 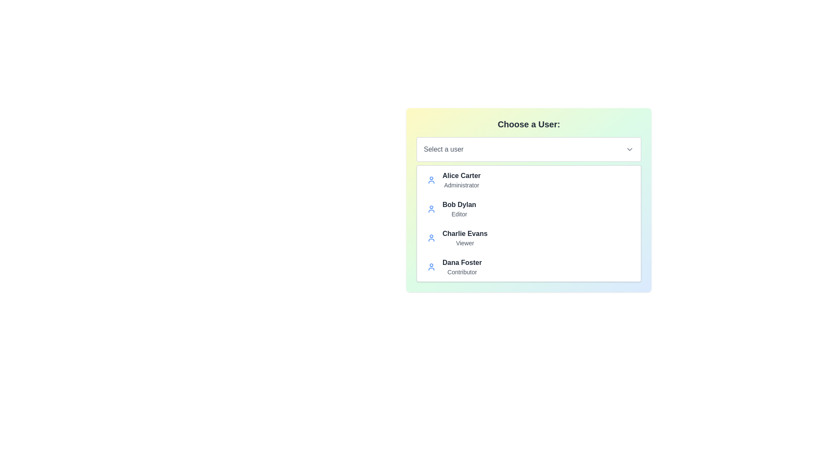 What do you see at coordinates (461, 185) in the screenshot?
I see `the text label displaying 'Administrator', which is located directly below the bolded name 'Alice Carter' in the user-selection list` at bounding box center [461, 185].